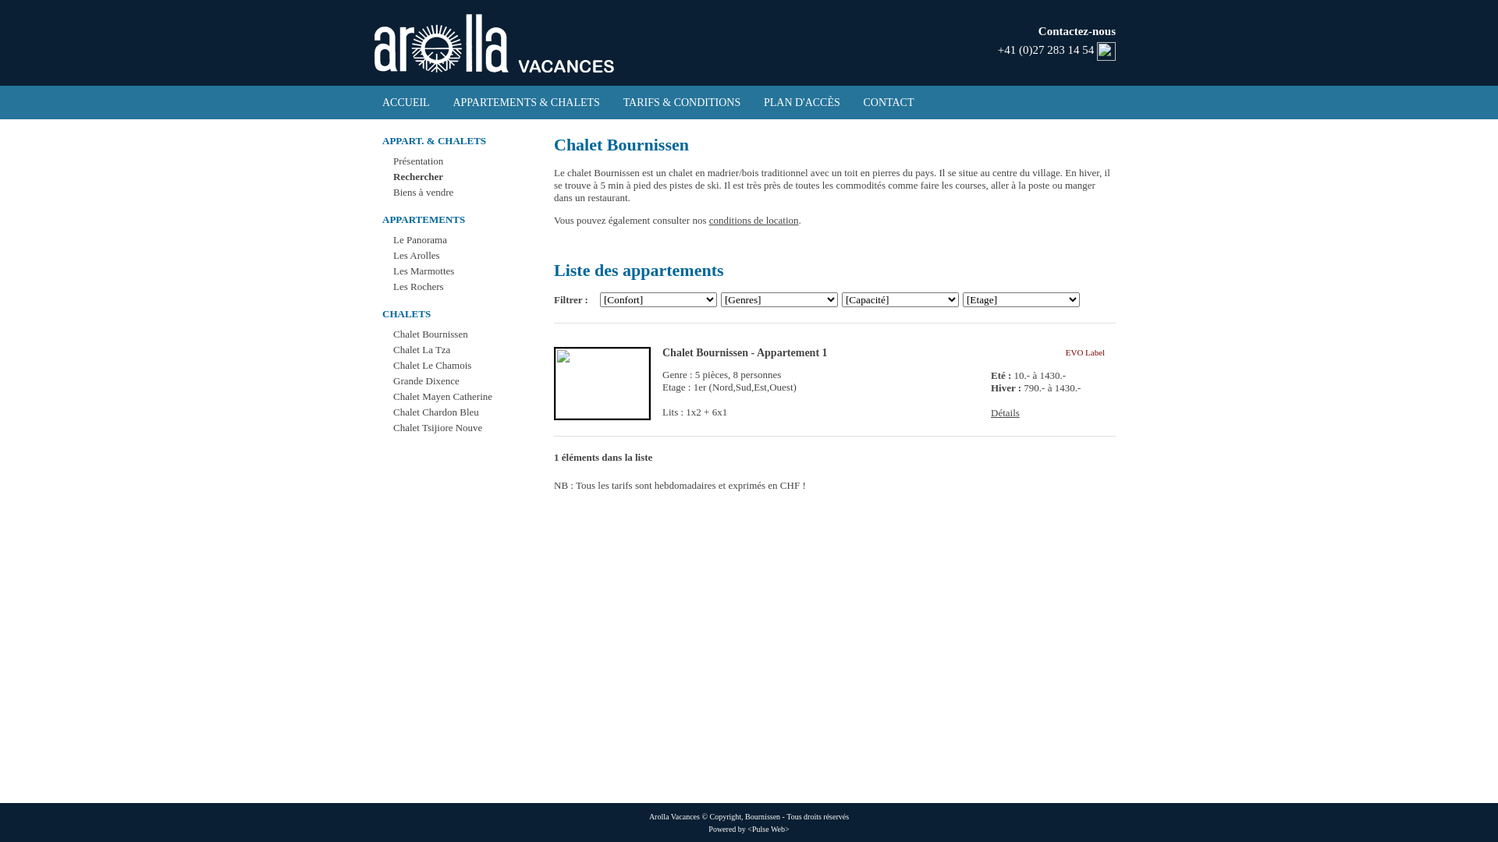 This screenshot has height=842, width=1498. What do you see at coordinates (525, 102) in the screenshot?
I see `'APPARTEMENTS & CHALETS'` at bounding box center [525, 102].